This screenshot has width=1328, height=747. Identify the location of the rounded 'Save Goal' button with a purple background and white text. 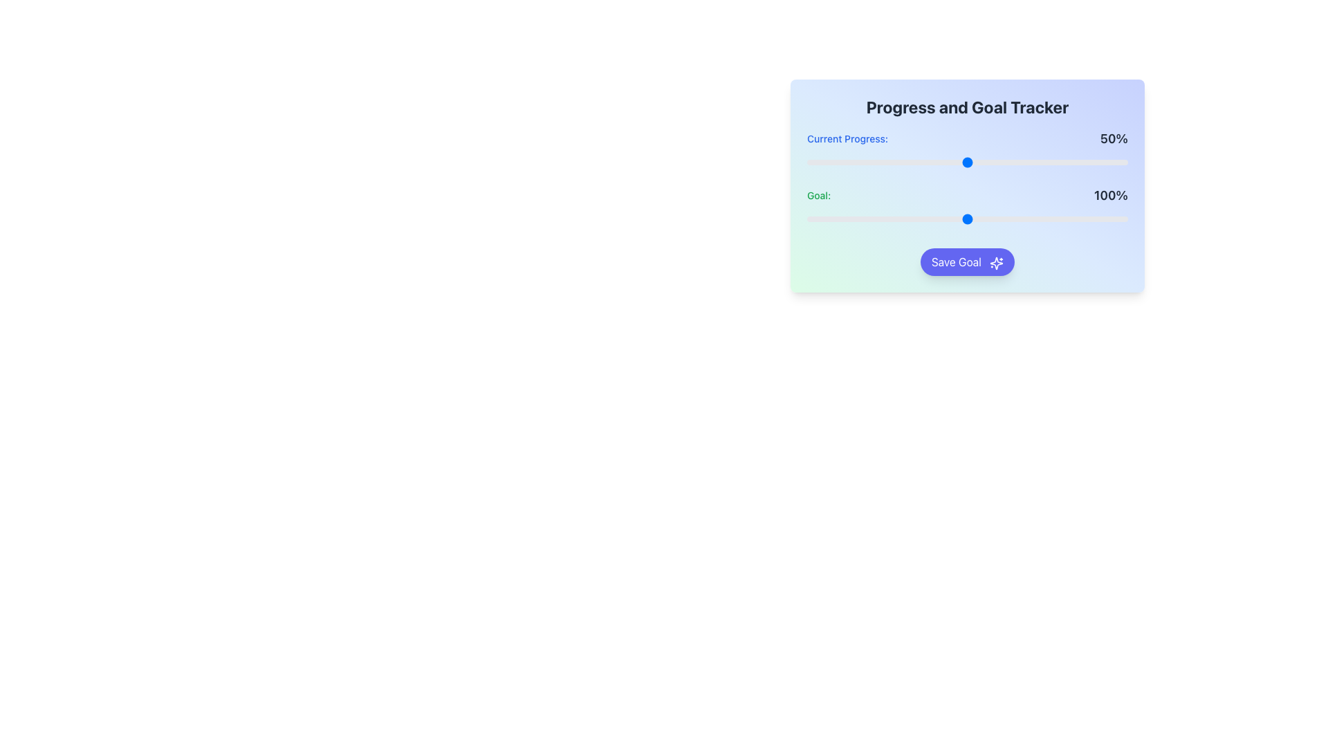
(966, 261).